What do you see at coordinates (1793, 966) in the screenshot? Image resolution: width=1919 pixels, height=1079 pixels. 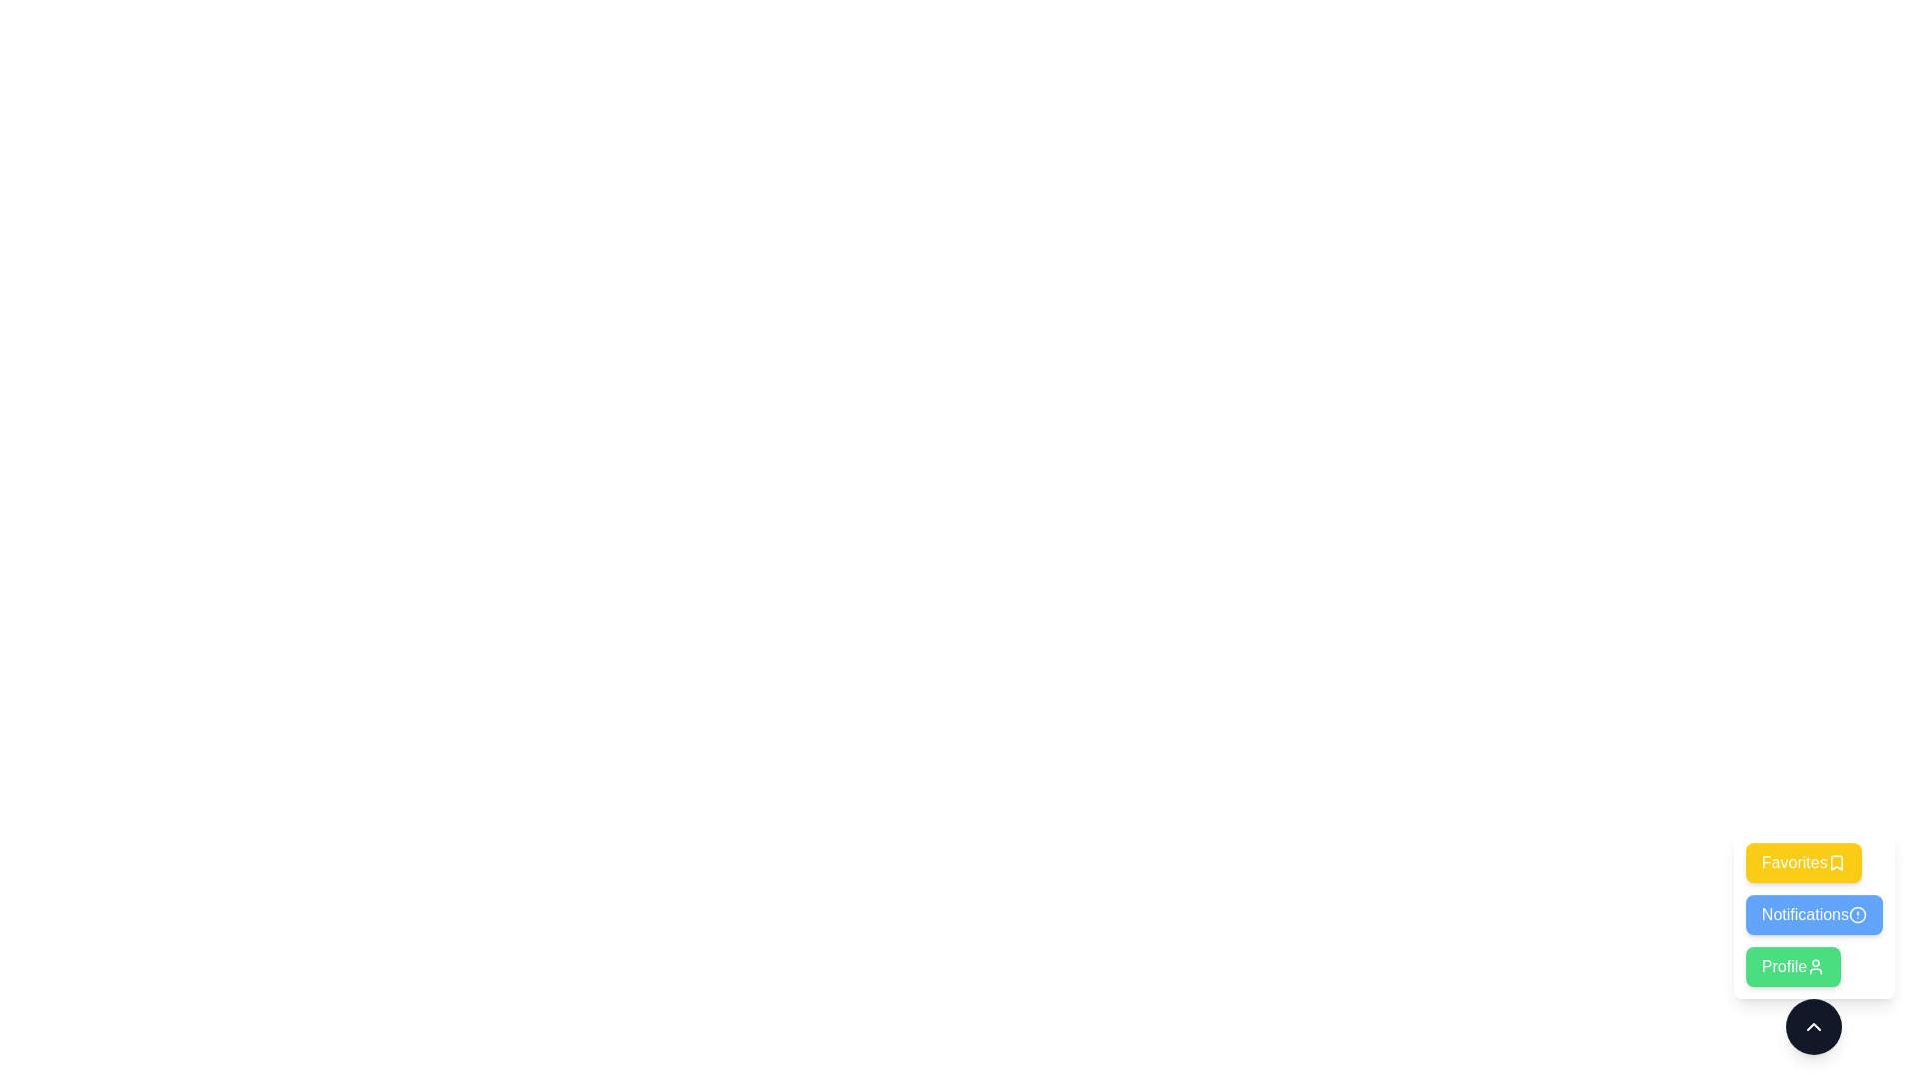 I see `the Profile button to select the corresponding option` at bounding box center [1793, 966].